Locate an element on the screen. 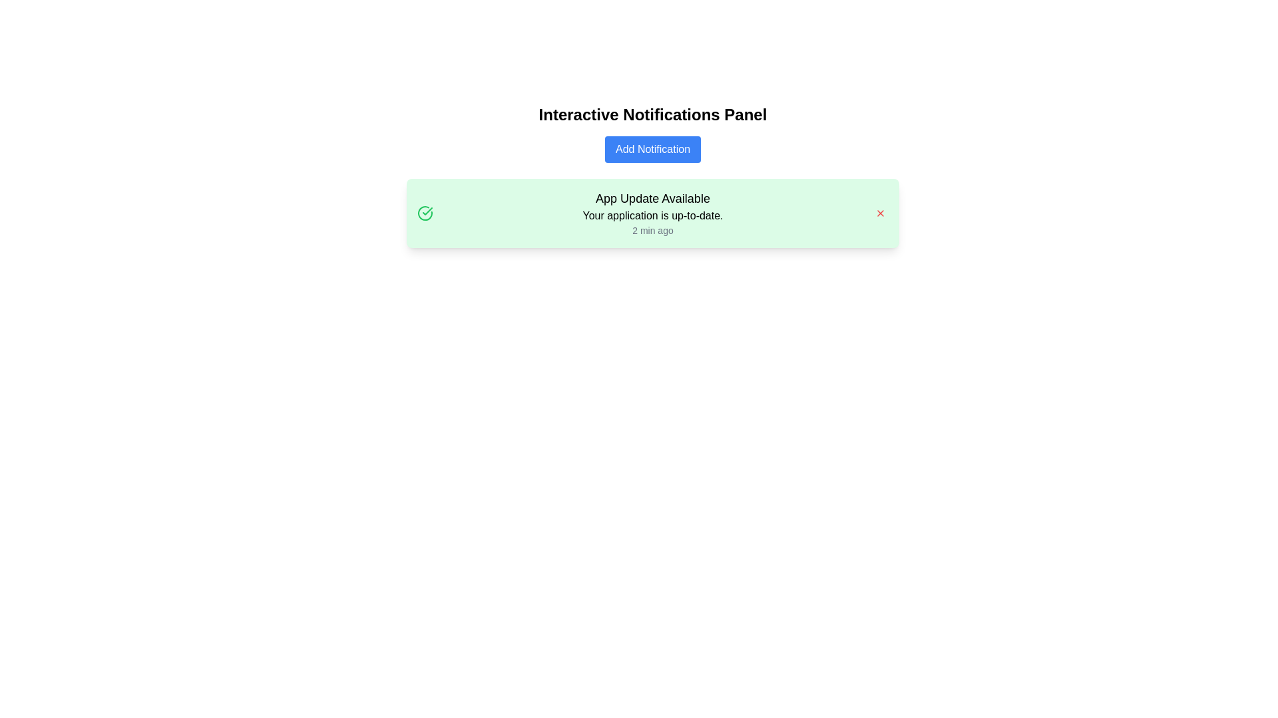 The height and width of the screenshot is (718, 1278). message displayed in the text block titled 'App Update Available' which indicates that 'Your application is up-to-date' and shows a timestamp '2 min ago' is located at coordinates (652, 212).